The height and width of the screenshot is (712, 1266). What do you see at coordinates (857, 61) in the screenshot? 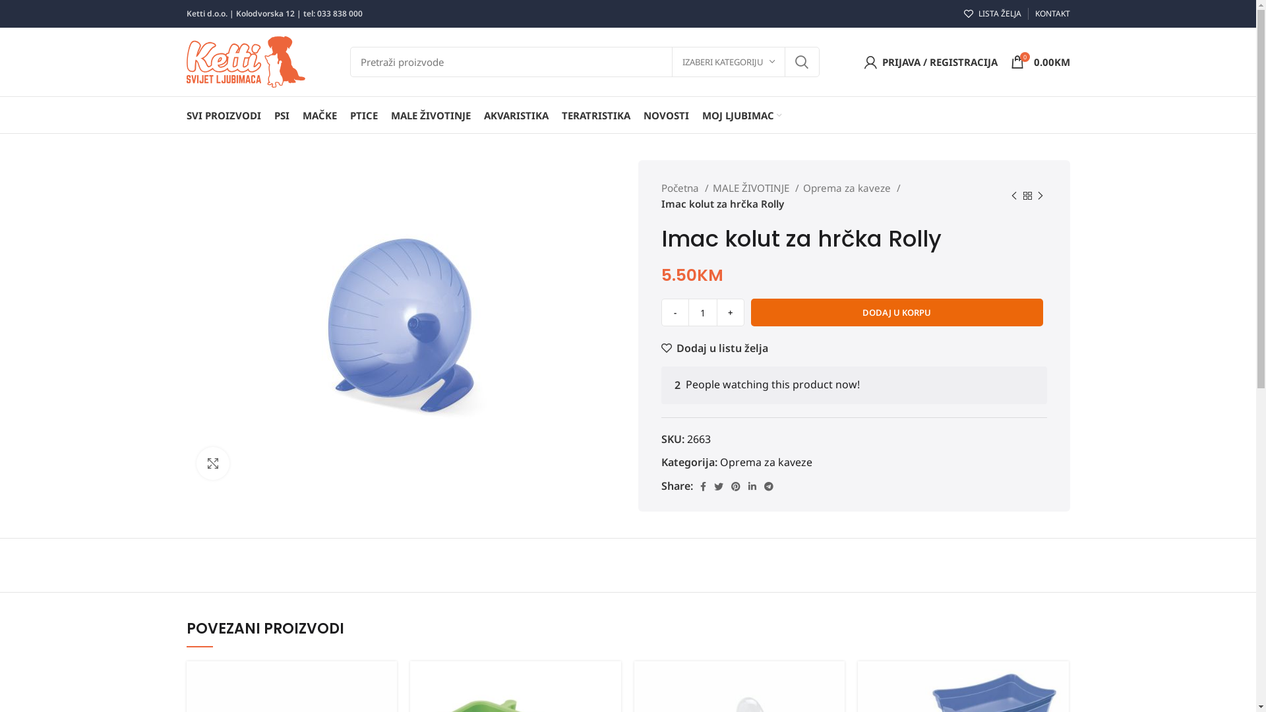
I see `'PRIJAVA / REGISTRACIJA'` at bounding box center [857, 61].